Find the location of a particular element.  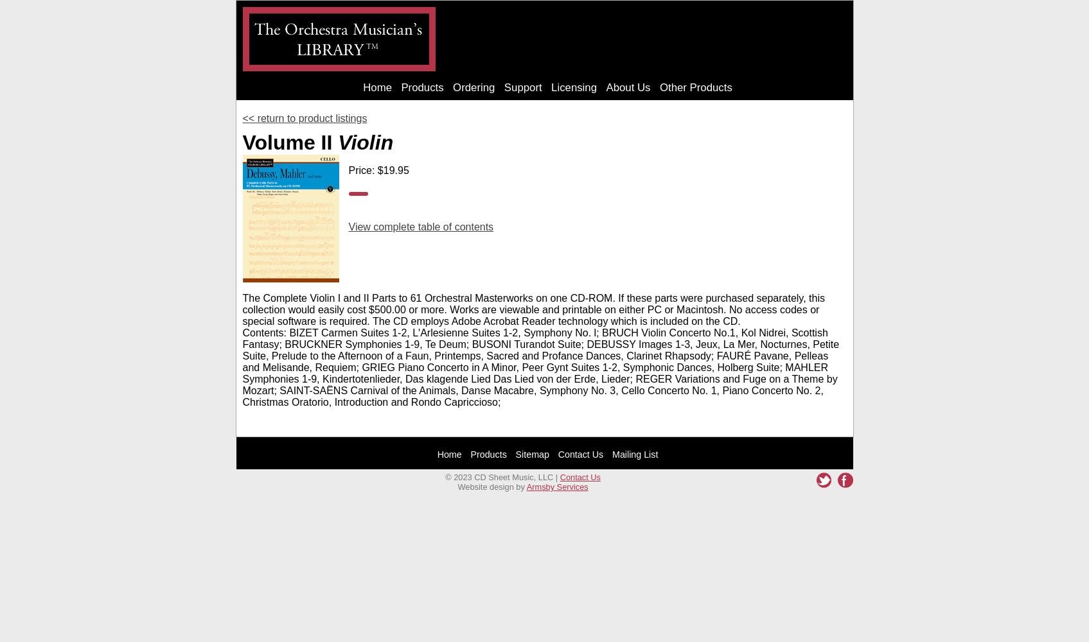

'Sitemap' is located at coordinates (532, 453).